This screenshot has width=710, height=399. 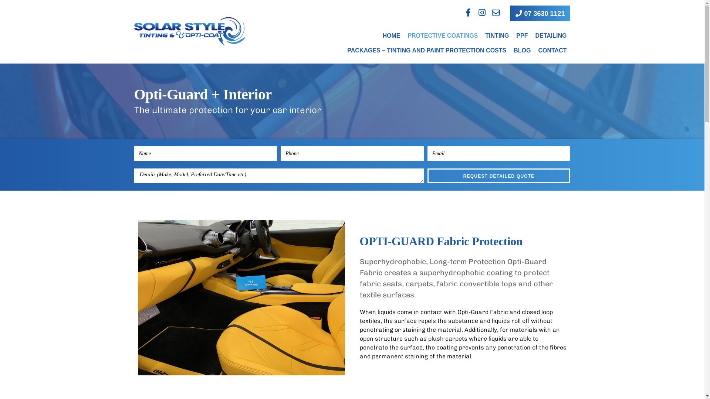 I want to click on 'DETAILING', so click(x=551, y=35).